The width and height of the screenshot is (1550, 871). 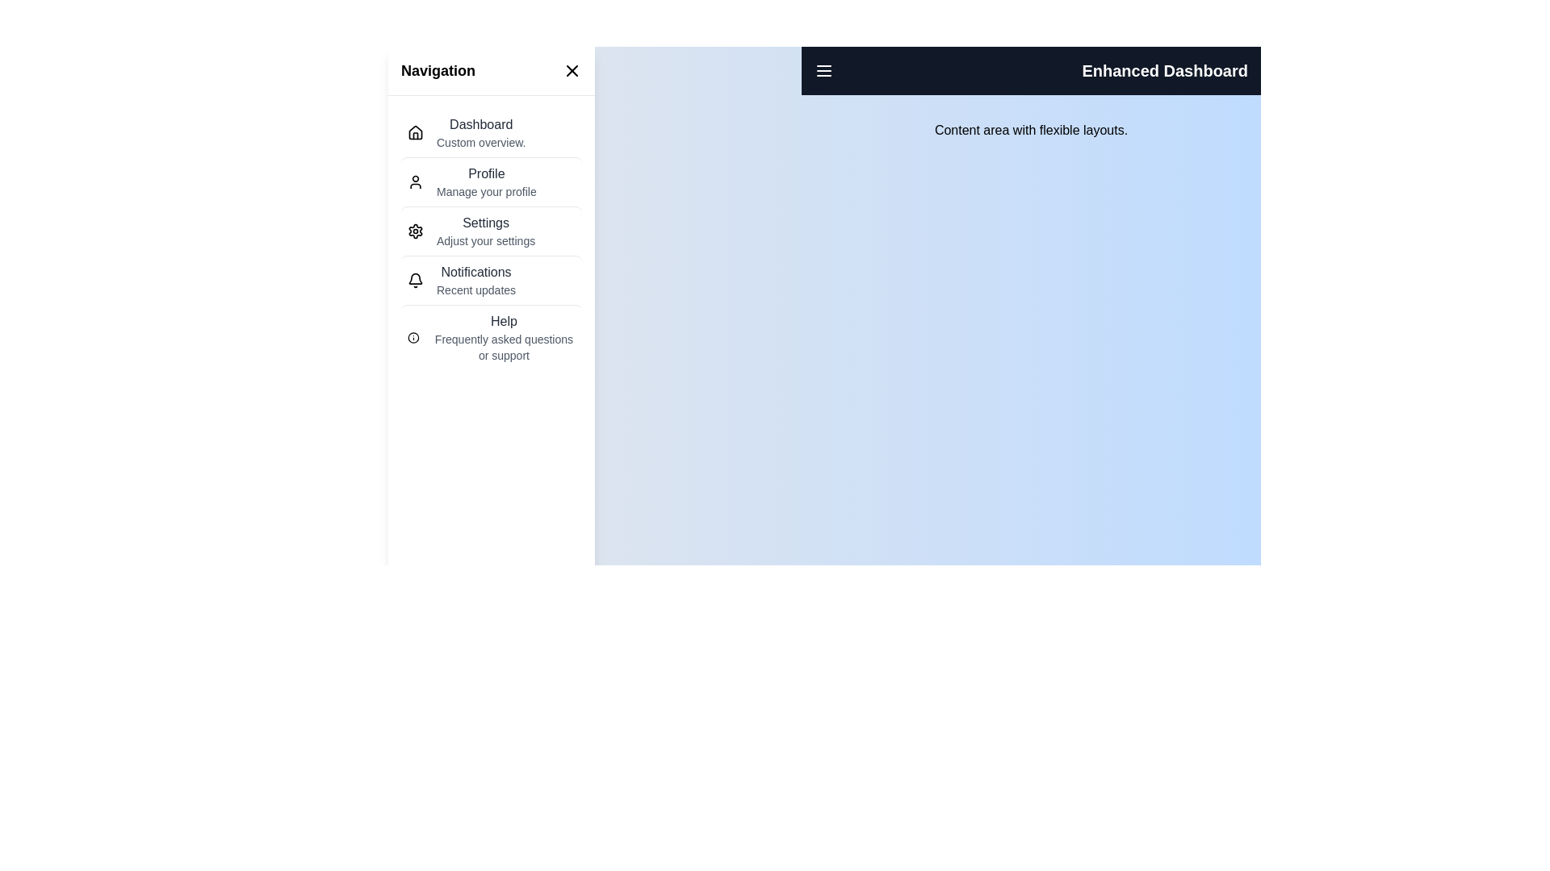 What do you see at coordinates (1030, 130) in the screenshot?
I see `text content from the descriptive Text label located underneath the 'Enhanced Dashboard' header, centered in the right section of the layout` at bounding box center [1030, 130].